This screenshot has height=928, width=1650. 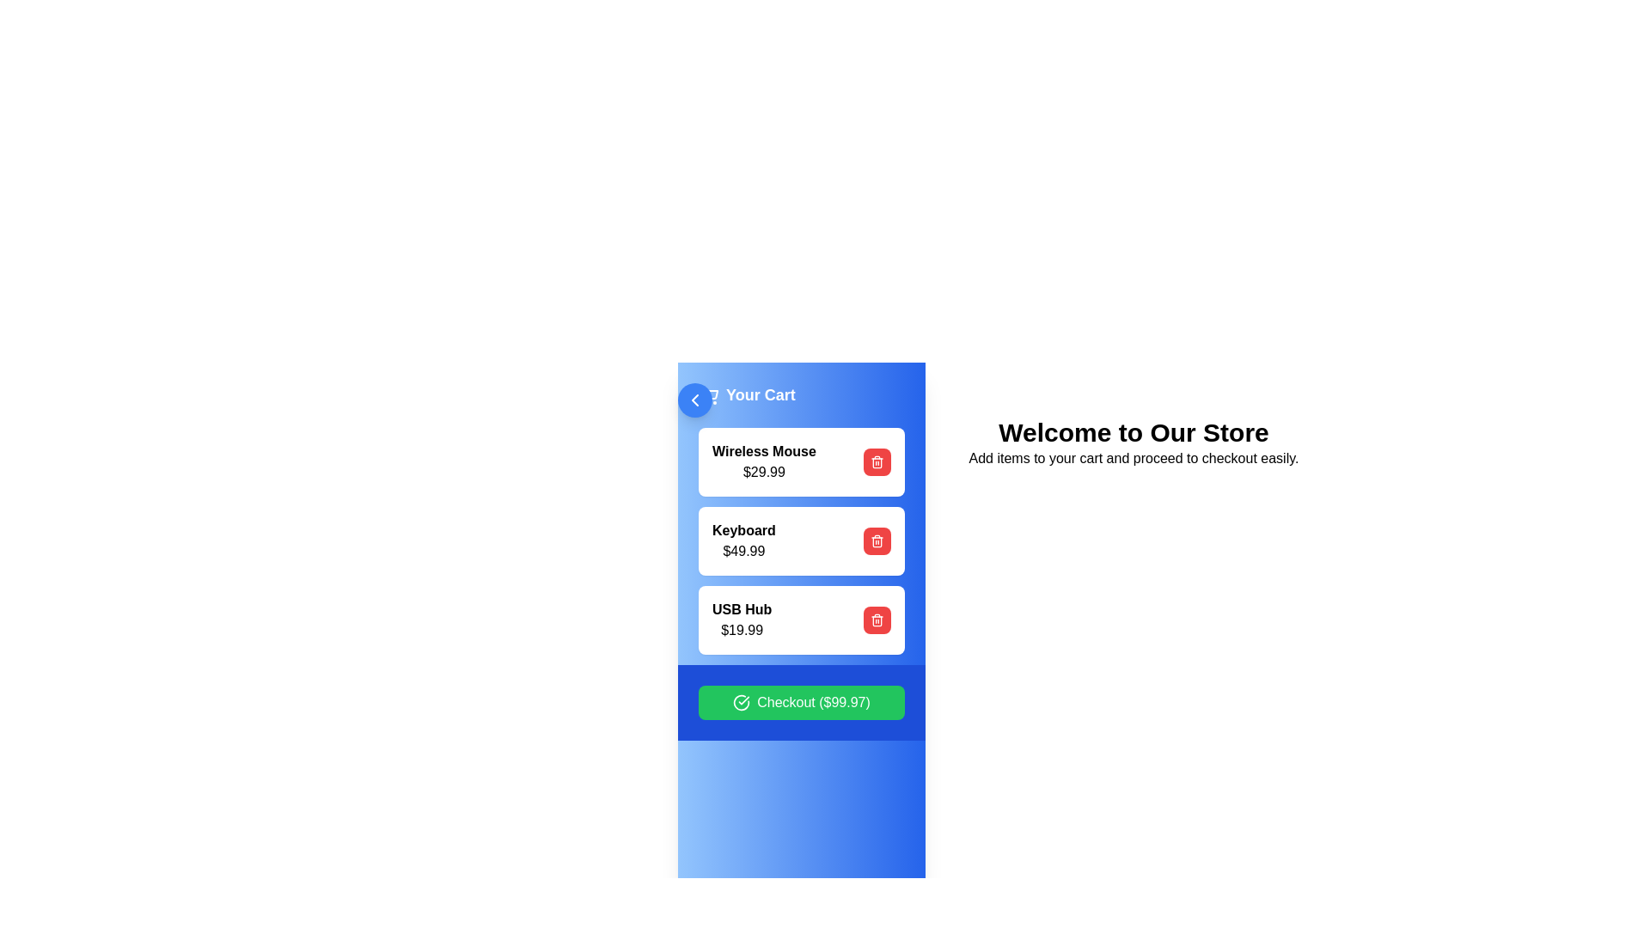 What do you see at coordinates (695, 400) in the screenshot?
I see `the 'Back' navigation button, which is a left-pointing chevron icon enclosed within a circular button with a blue background, located at the top-left area of the card layout` at bounding box center [695, 400].